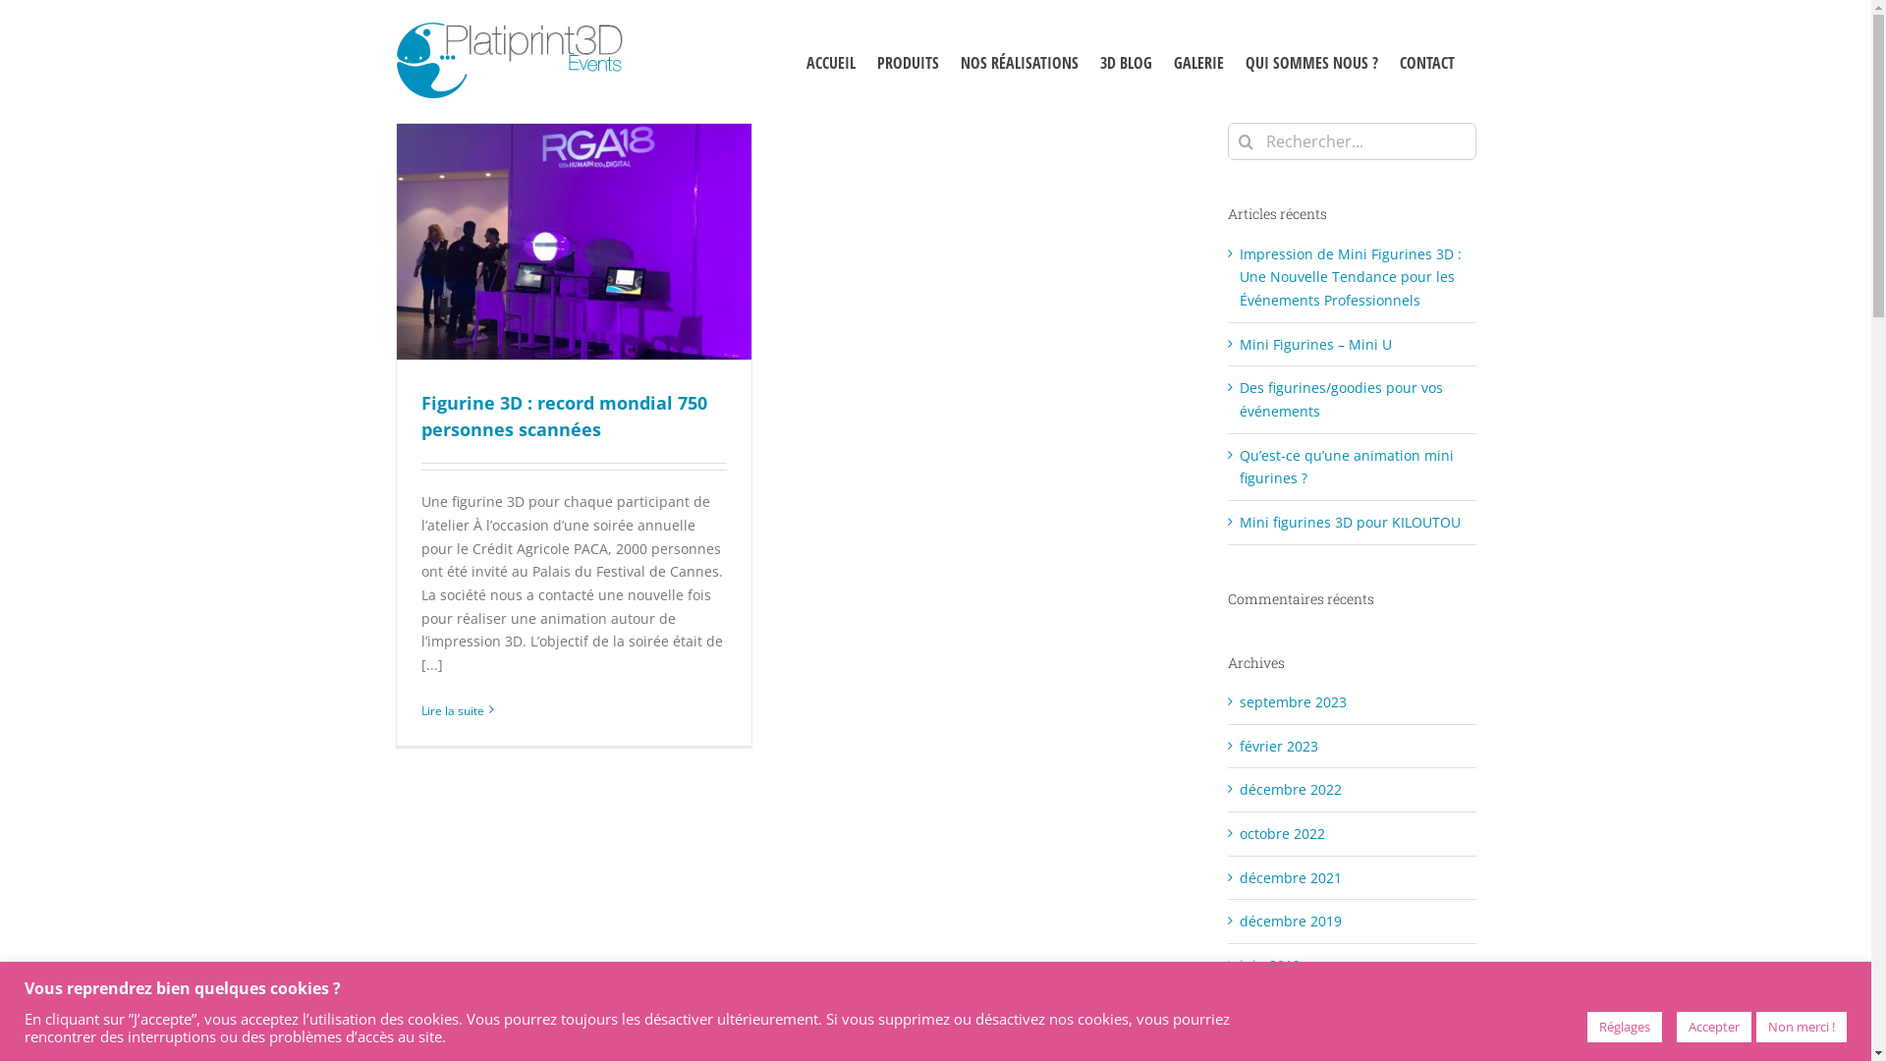 This screenshot has width=1886, height=1061. What do you see at coordinates (1239, 521) in the screenshot?
I see `'Mini figurines 3D pour KILOUTOU'` at bounding box center [1239, 521].